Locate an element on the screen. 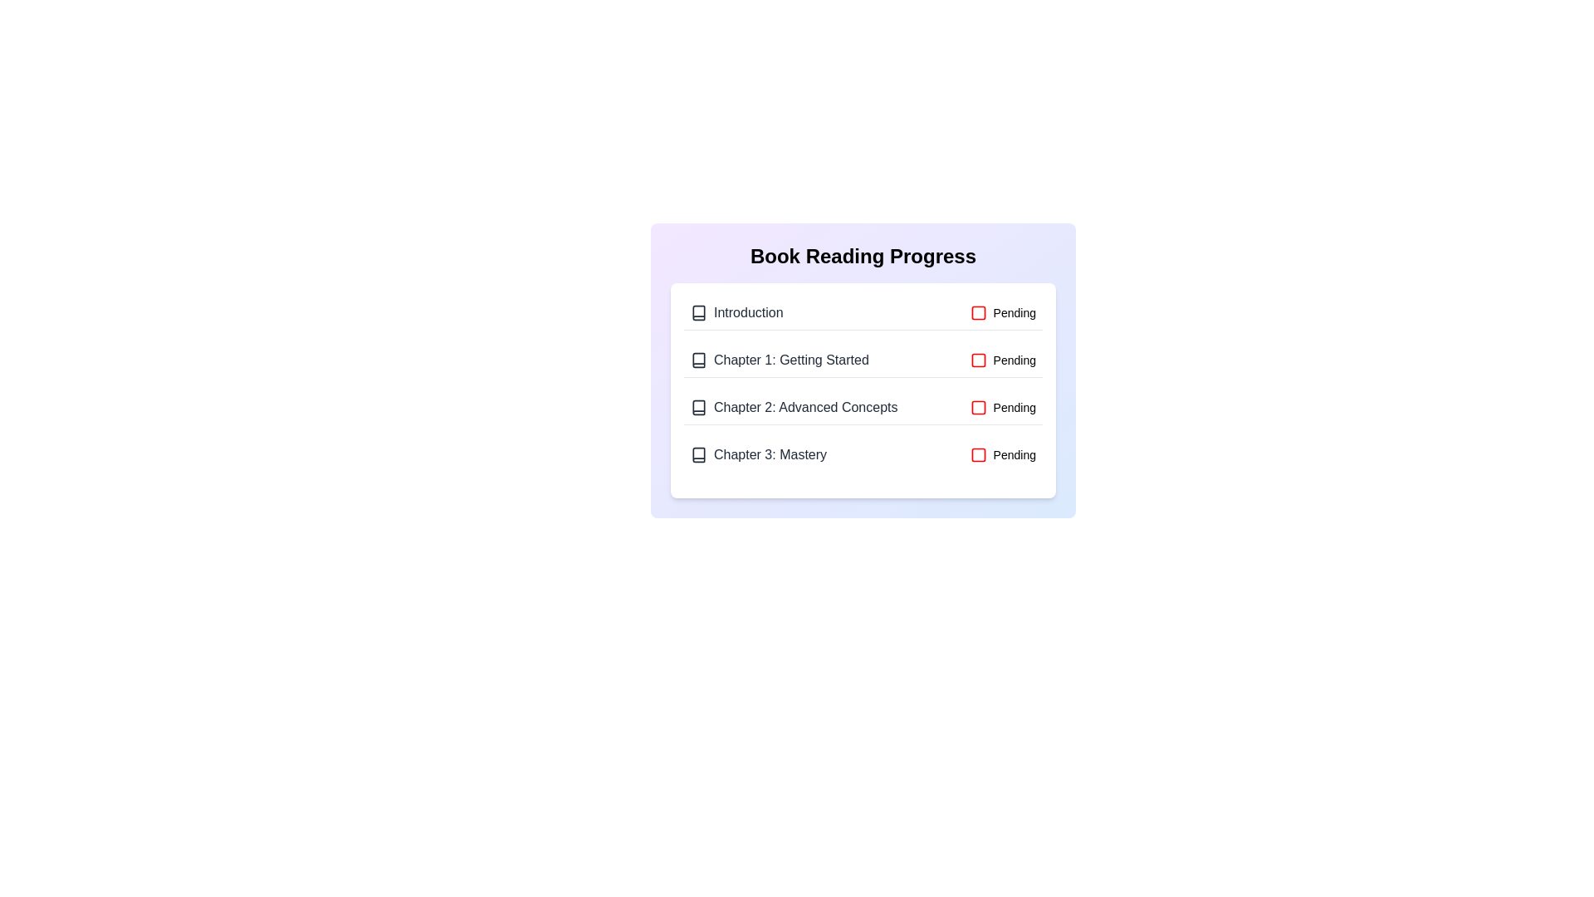  the toggle button for chapter 4 to change its completion status is located at coordinates (1002, 454).